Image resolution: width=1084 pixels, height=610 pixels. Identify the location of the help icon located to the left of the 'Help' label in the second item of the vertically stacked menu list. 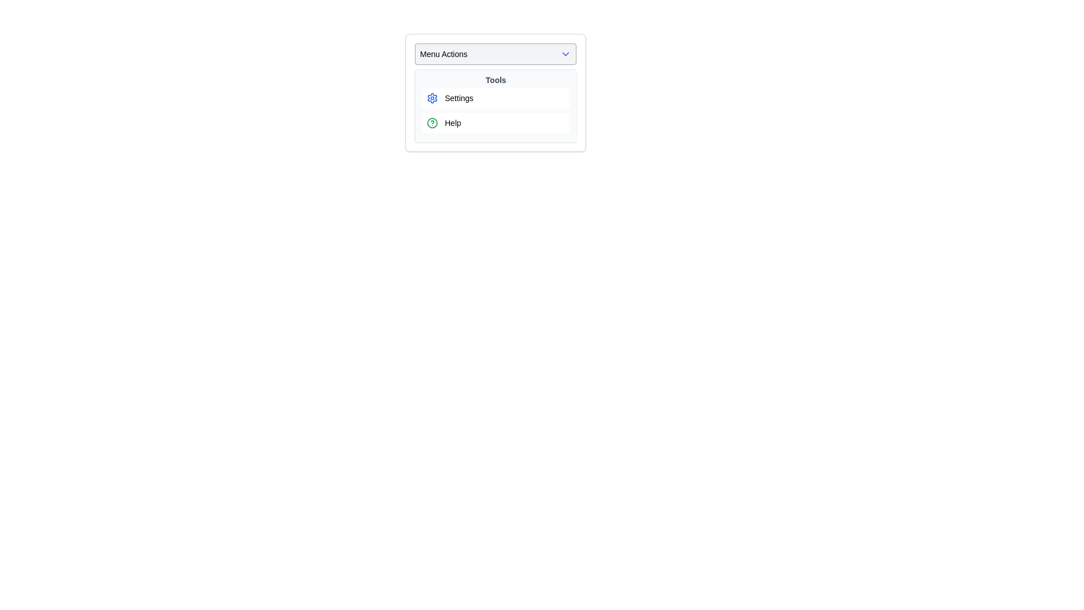
(432, 123).